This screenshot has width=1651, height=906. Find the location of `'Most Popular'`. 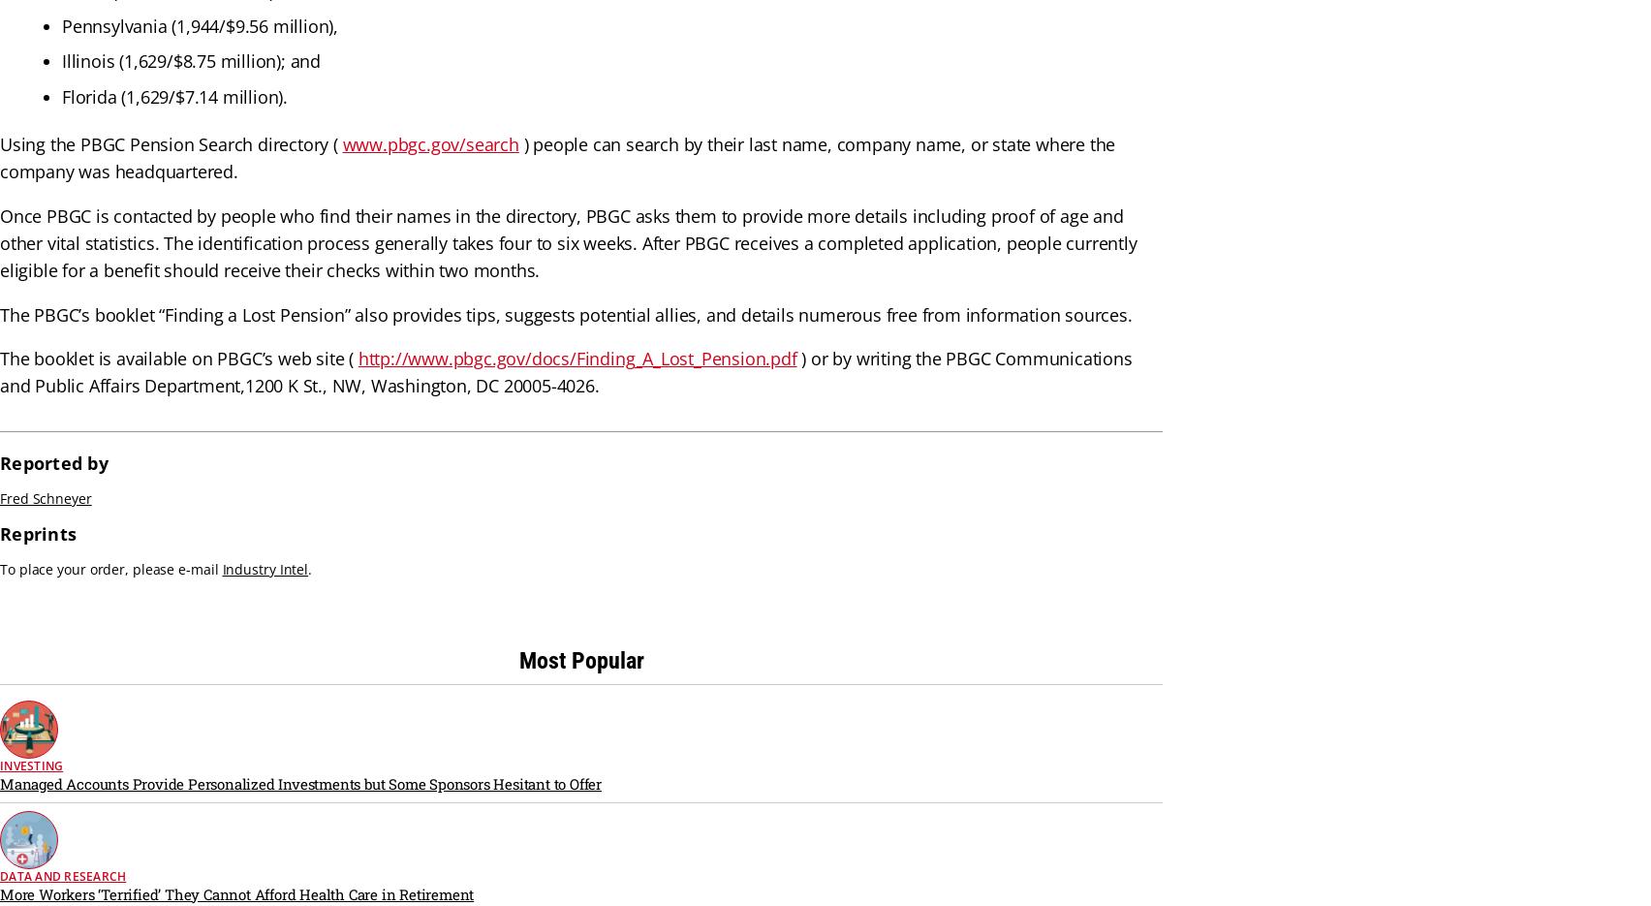

'Most Popular' is located at coordinates (518, 659).